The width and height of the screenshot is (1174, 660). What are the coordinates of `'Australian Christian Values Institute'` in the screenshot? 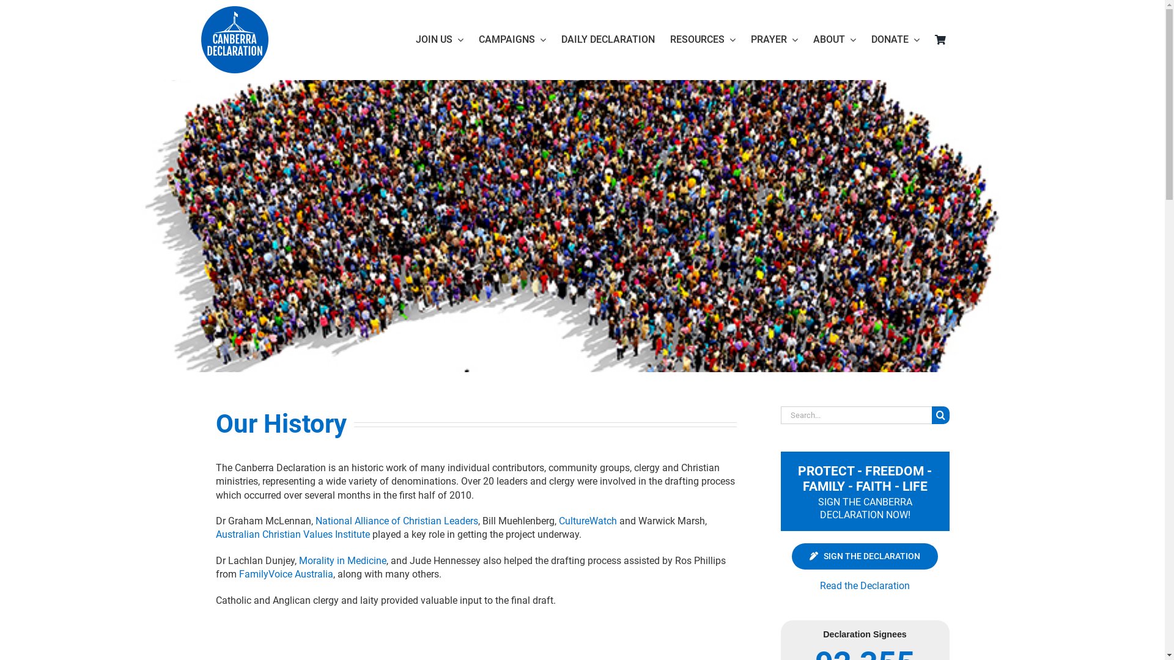 It's located at (292, 533).